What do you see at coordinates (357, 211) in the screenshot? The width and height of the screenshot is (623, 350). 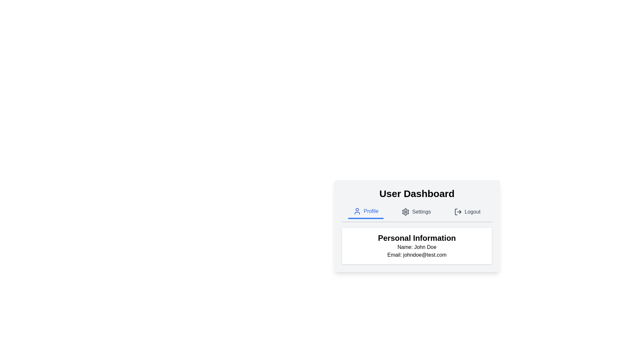 I see `the user icon in the 'Profile' navigation tab, which is characterized by a circular head and a rounded trapezoid torso in a minimalist blue line-art style` at bounding box center [357, 211].